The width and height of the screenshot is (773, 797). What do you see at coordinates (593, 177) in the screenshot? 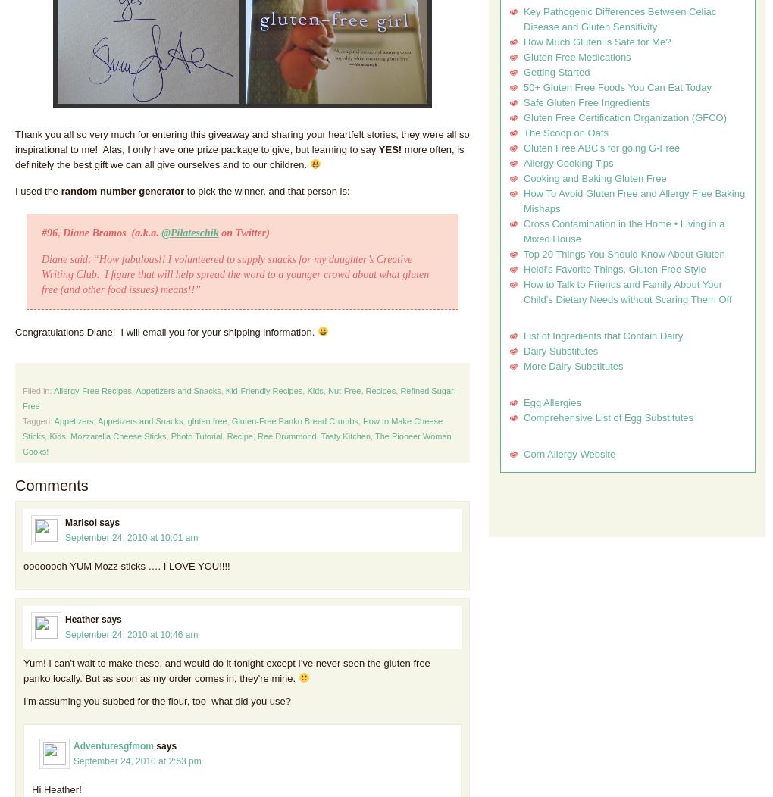
I see `'Cooking and Baking Gluten Free'` at bounding box center [593, 177].